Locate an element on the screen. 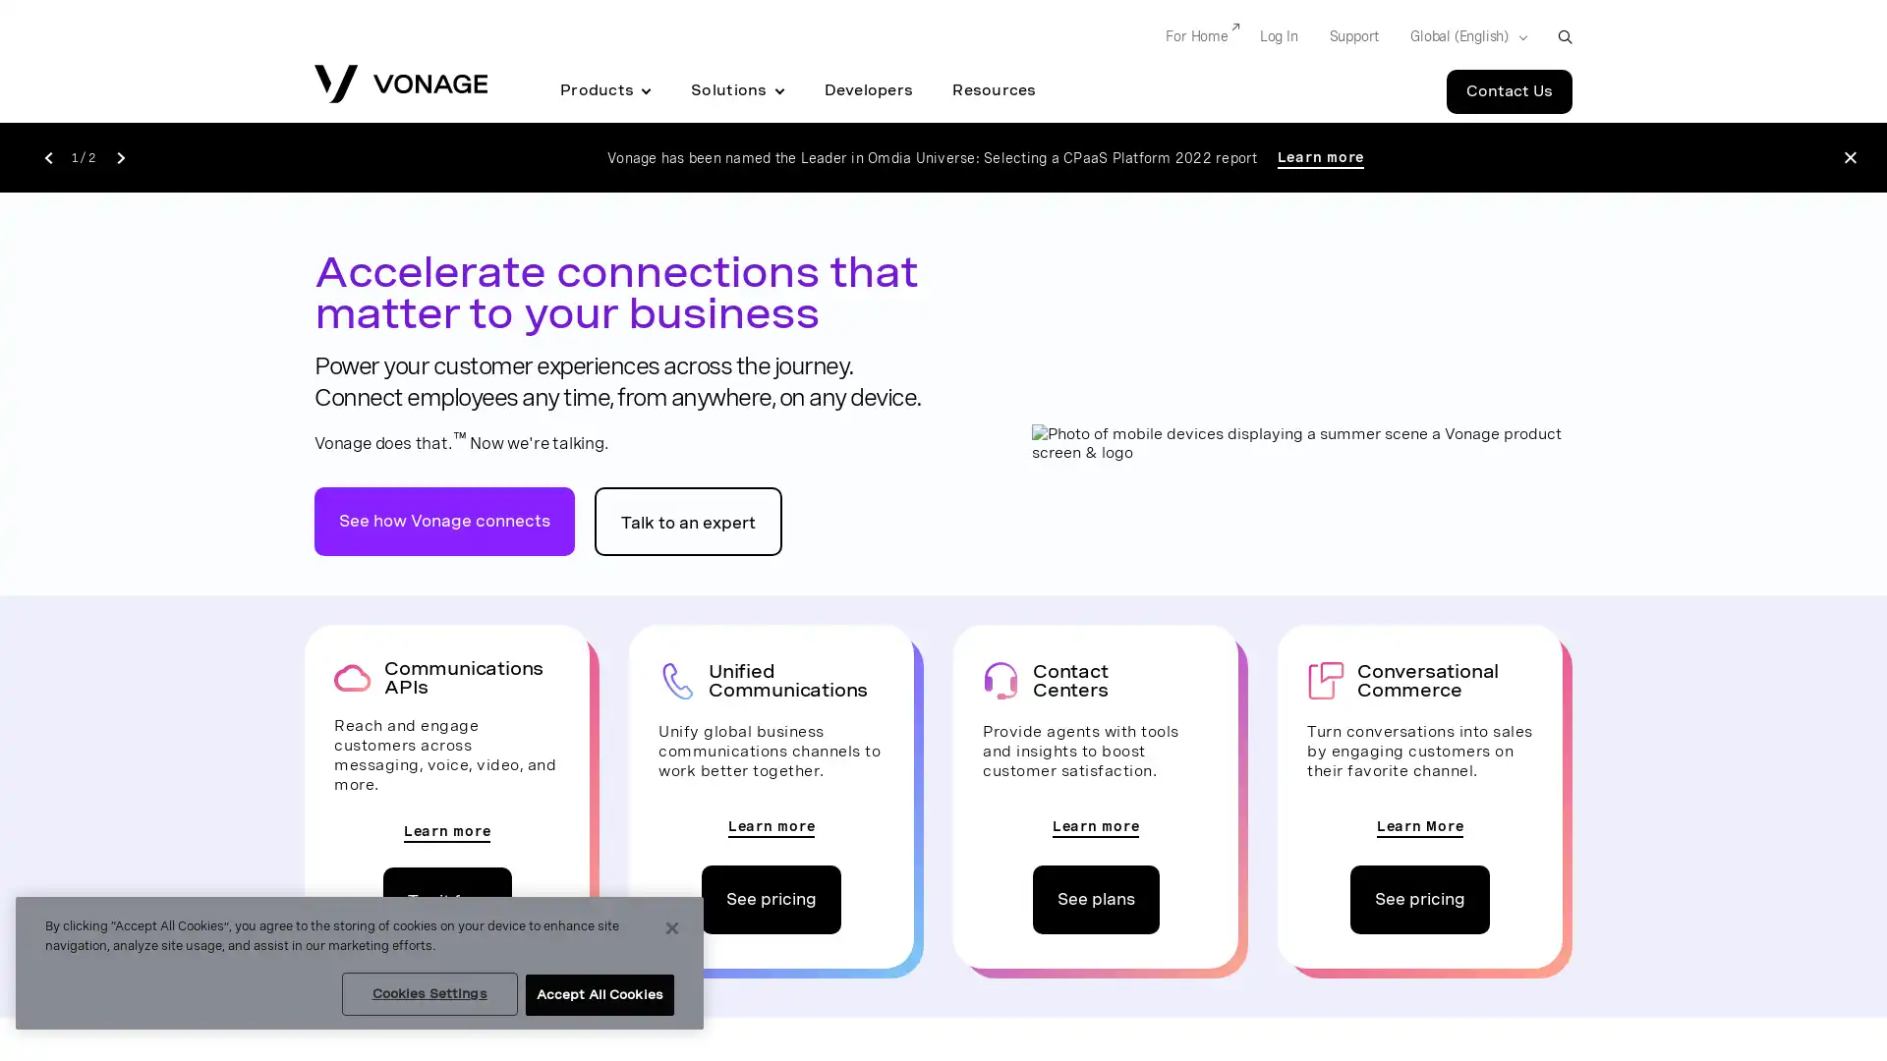 Image resolution: width=1887 pixels, height=1061 pixels. go to vonage does that video is located at coordinates (443, 519).